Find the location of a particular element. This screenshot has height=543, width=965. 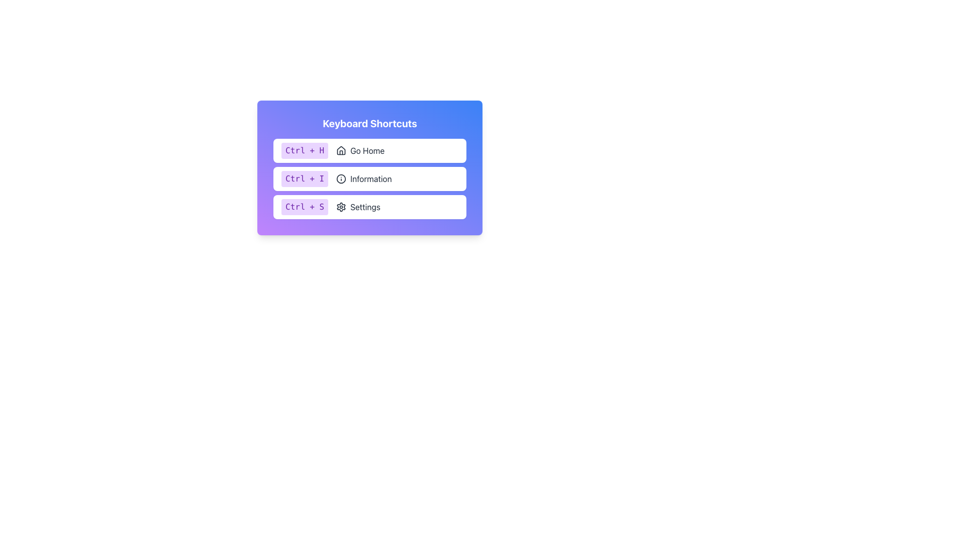

the 'Ctrl + S Settings' button, which is a rectangular button with rounded edges, featuring a purple text and gear icon, located at the bottom of a vertical stack of three buttons is located at coordinates (369, 207).